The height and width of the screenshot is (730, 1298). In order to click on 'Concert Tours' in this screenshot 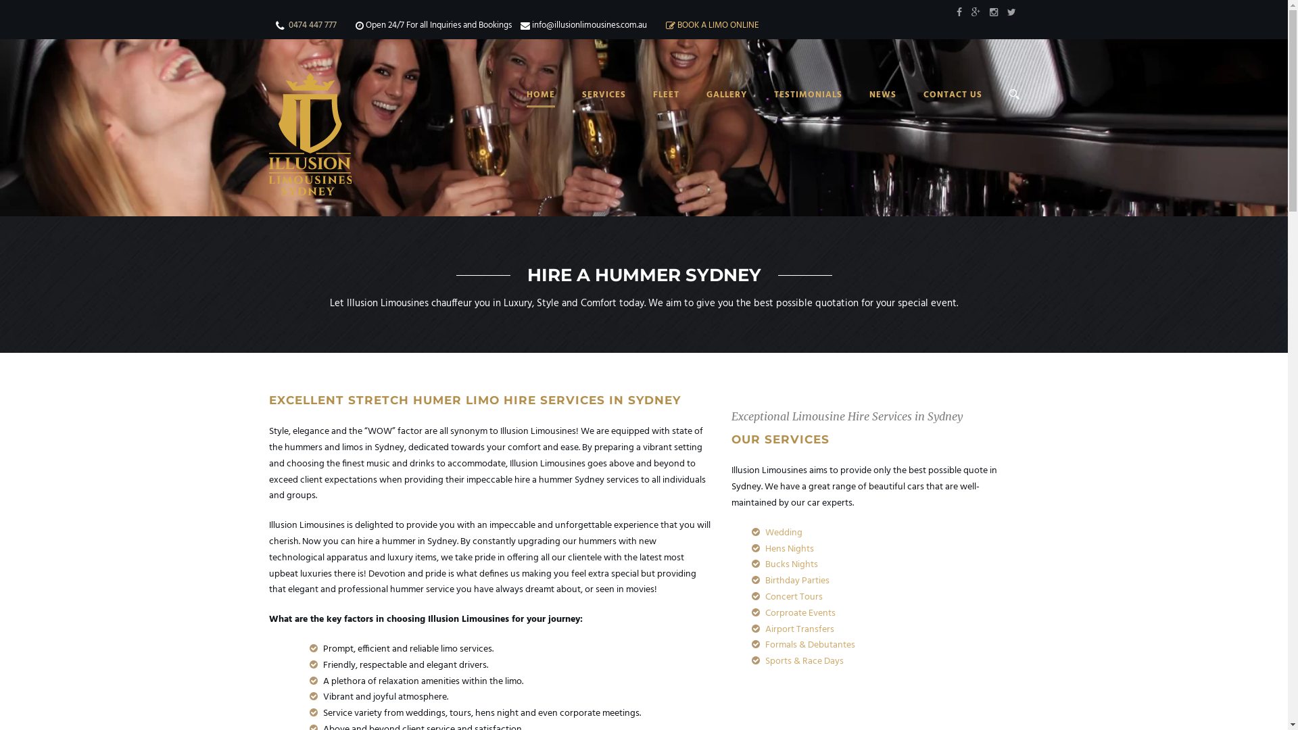, I will do `click(794, 596)`.